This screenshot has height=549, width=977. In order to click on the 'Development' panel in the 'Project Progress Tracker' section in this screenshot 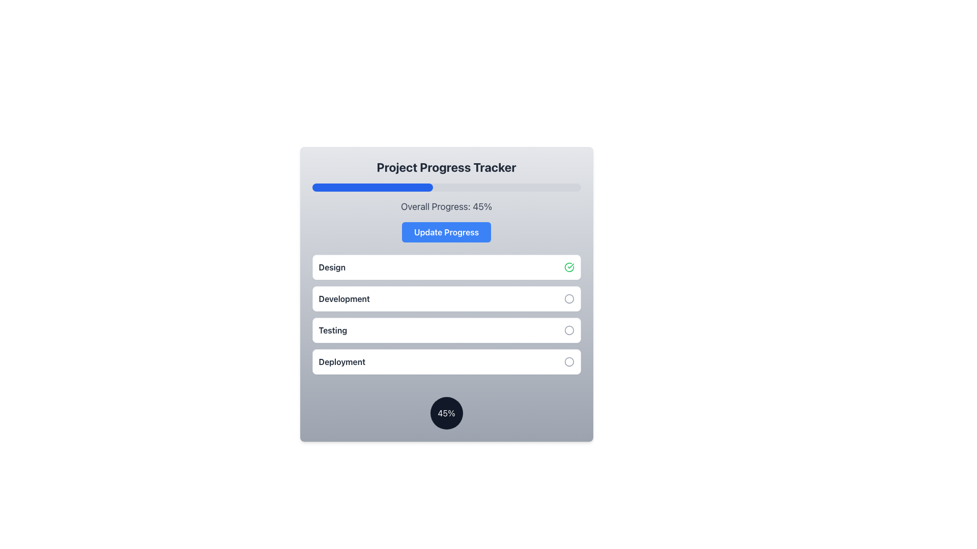, I will do `click(446, 298)`.